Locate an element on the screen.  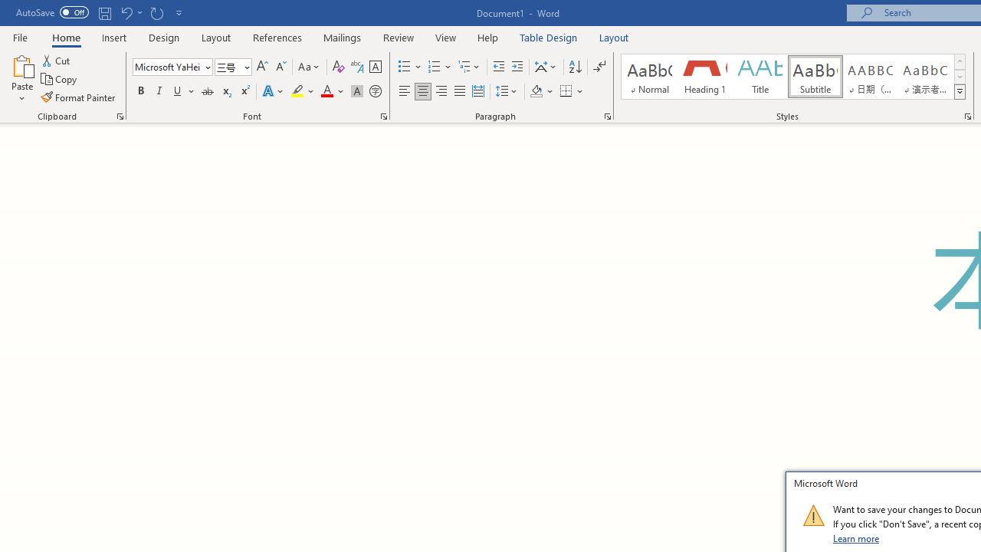
'Undo Grow Font' is located at coordinates (130, 12).